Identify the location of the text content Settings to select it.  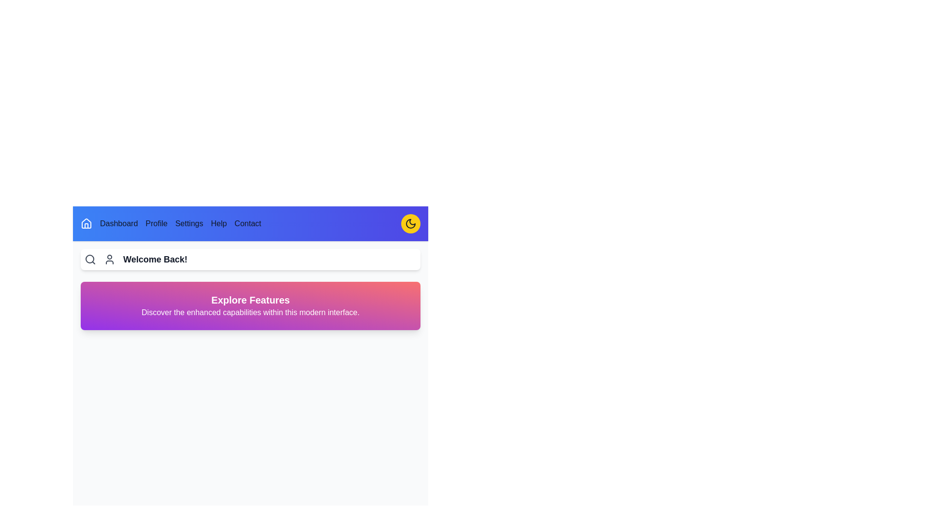
(189, 223).